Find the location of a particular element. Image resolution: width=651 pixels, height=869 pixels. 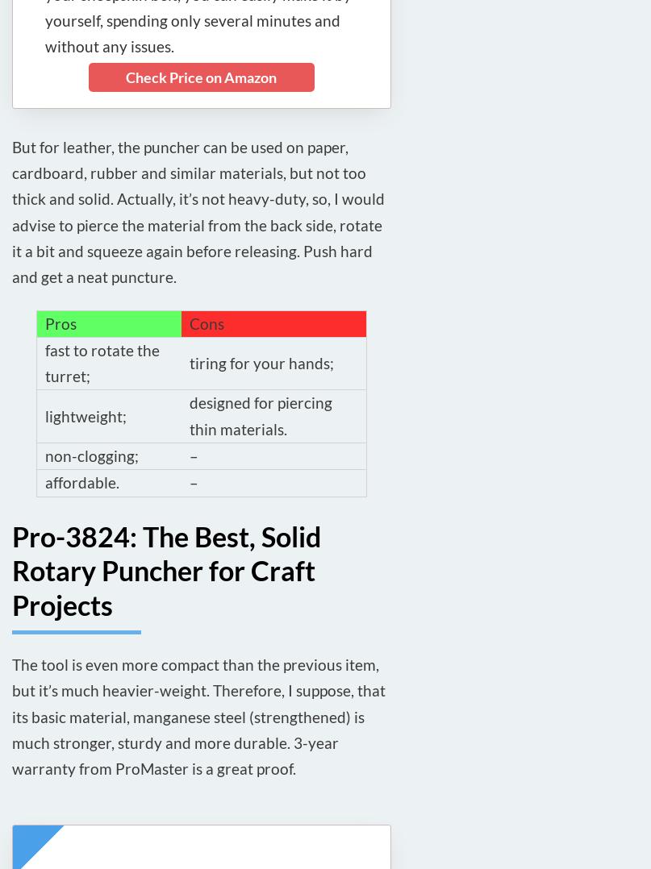

'affordable.' is located at coordinates (45, 482).